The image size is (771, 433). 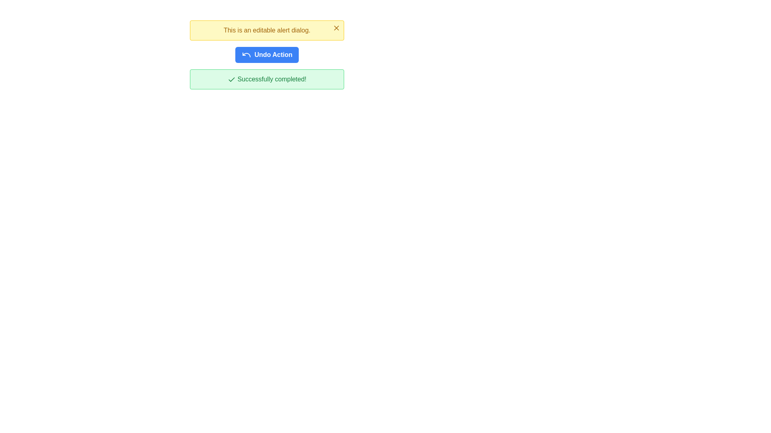 I want to click on the small, circular arrow icon located to the left side of the 'Undo Action' blue button, which has a thin, sharp outline and modern minimalist design, so click(x=246, y=55).